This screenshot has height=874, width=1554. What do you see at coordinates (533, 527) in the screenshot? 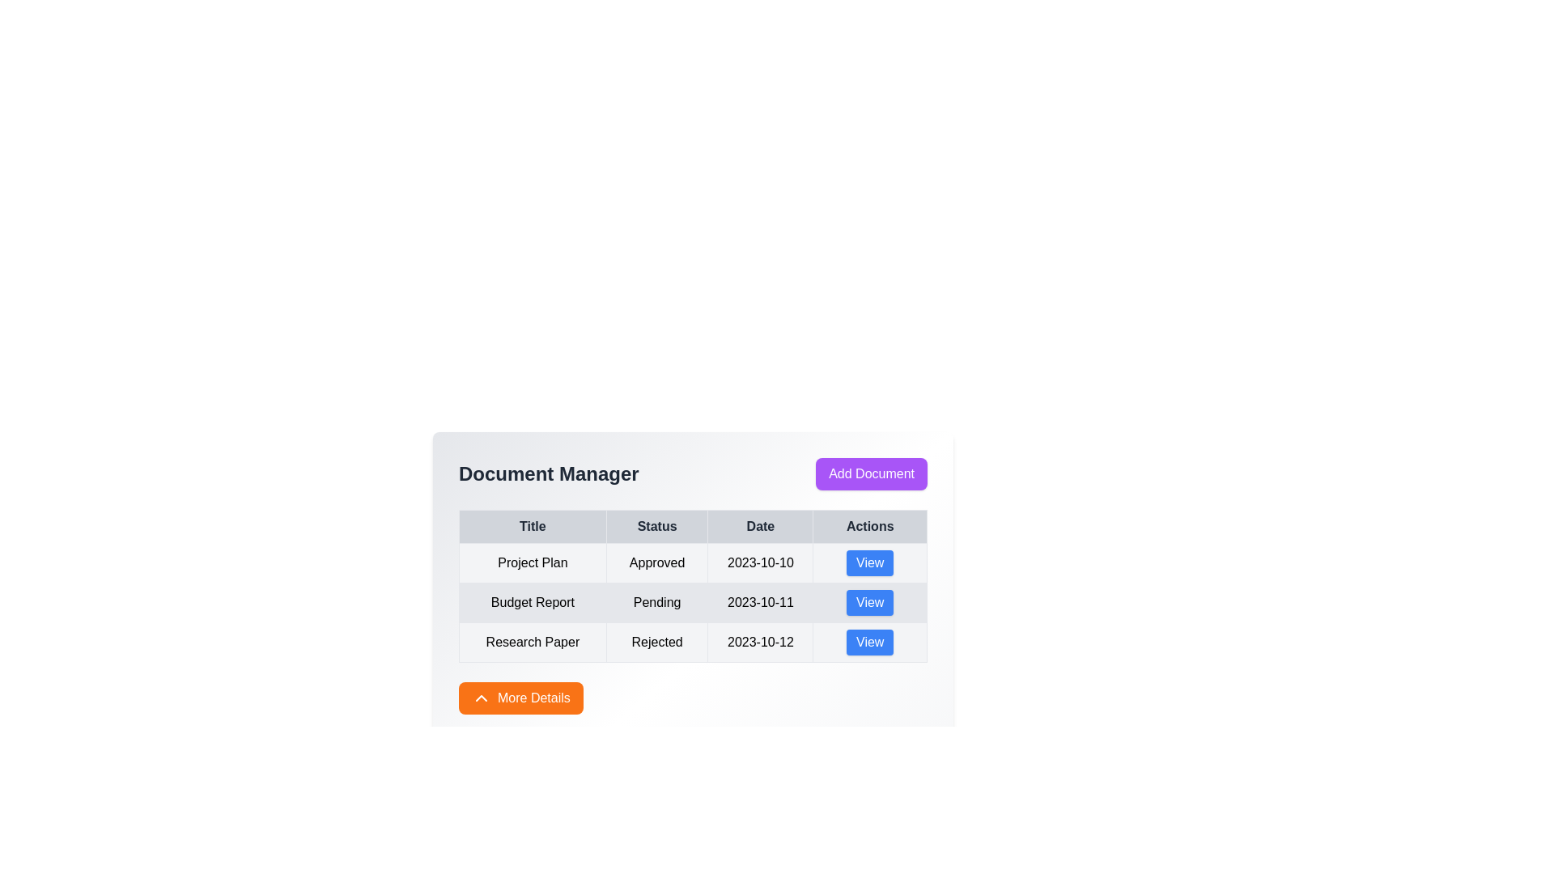
I see `the first label displaying the text 'Title', which is bold and centered in a light gray background, located under the 'Document Manager' heading` at bounding box center [533, 527].